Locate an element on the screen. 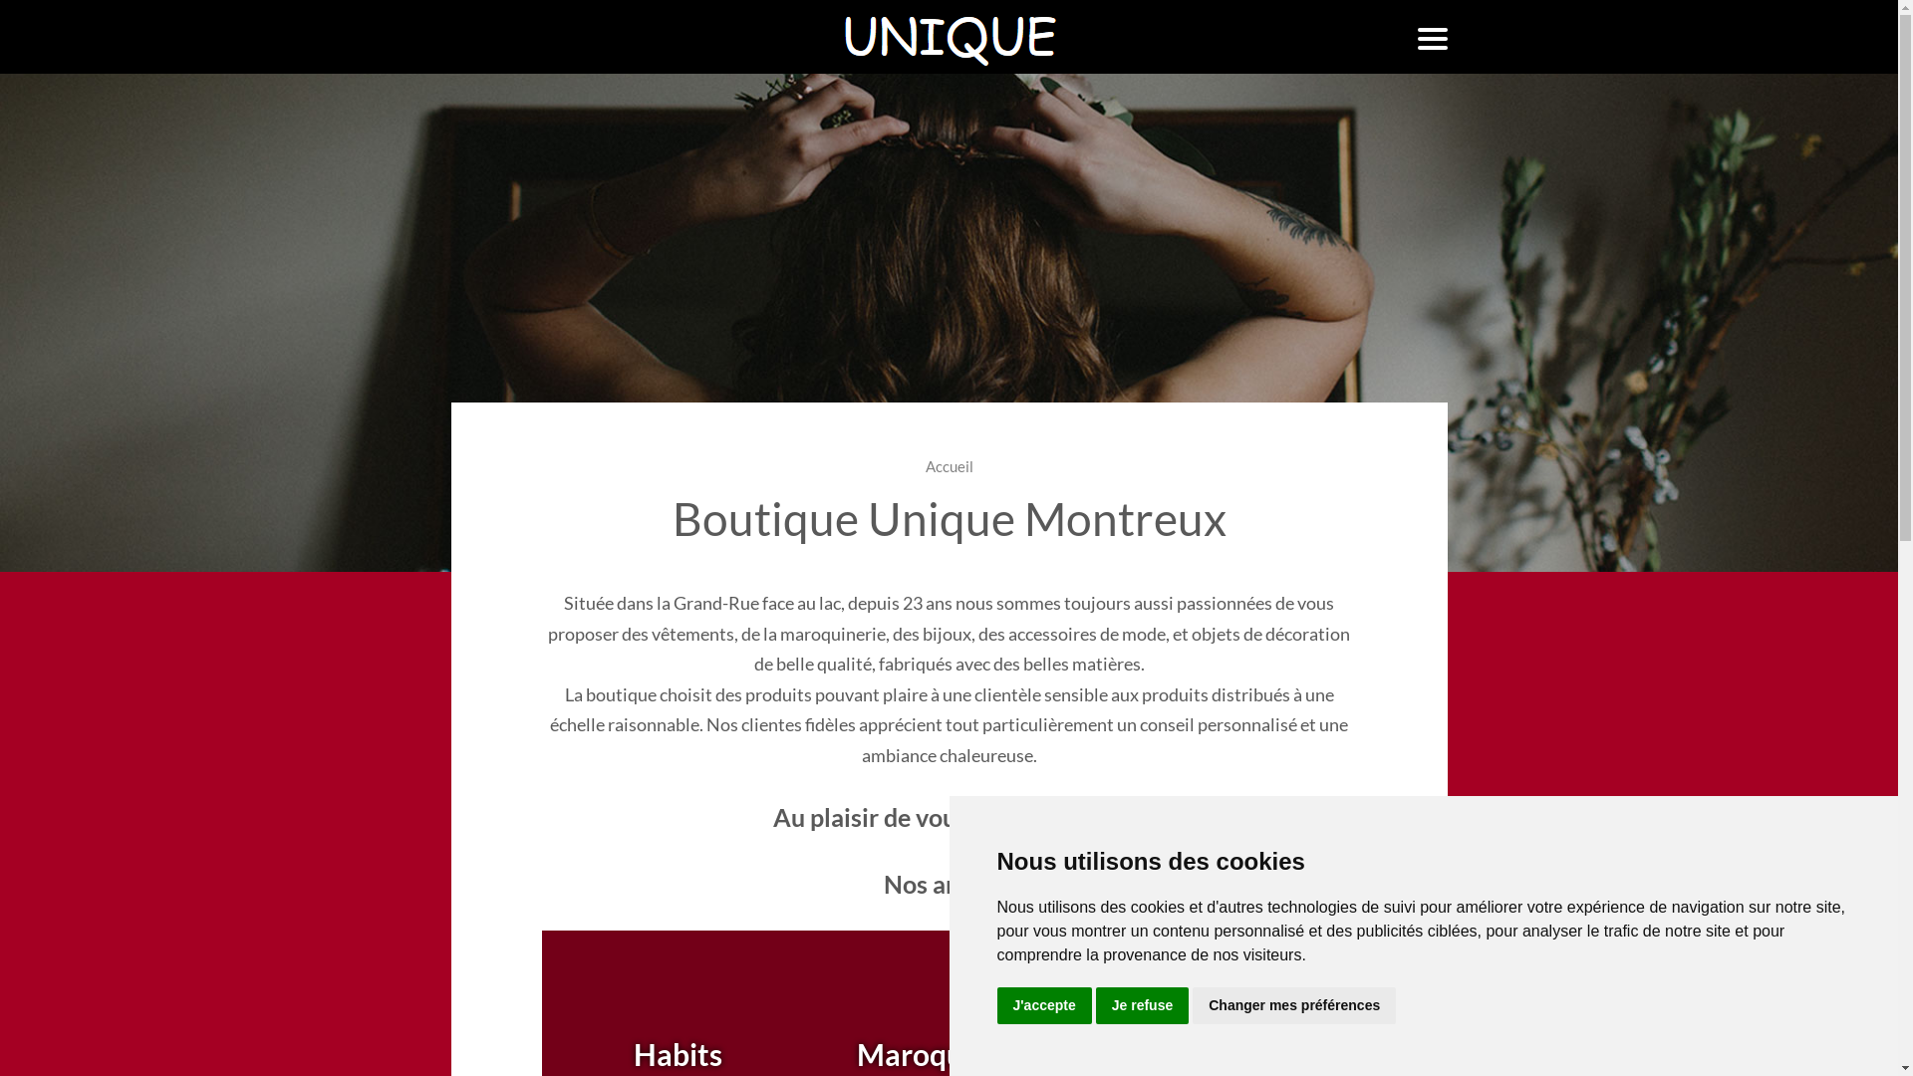  'Accueil' is located at coordinates (923, 466).